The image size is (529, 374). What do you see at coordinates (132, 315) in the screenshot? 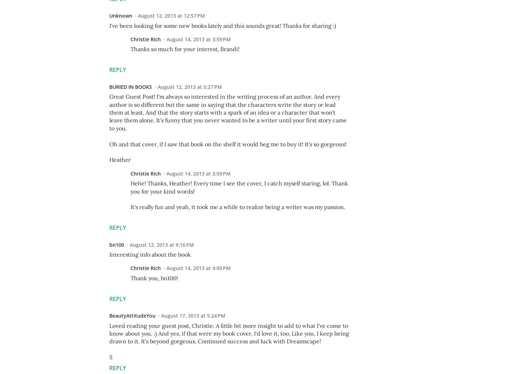
I see `'BeautyAttitudeYou'` at bounding box center [132, 315].